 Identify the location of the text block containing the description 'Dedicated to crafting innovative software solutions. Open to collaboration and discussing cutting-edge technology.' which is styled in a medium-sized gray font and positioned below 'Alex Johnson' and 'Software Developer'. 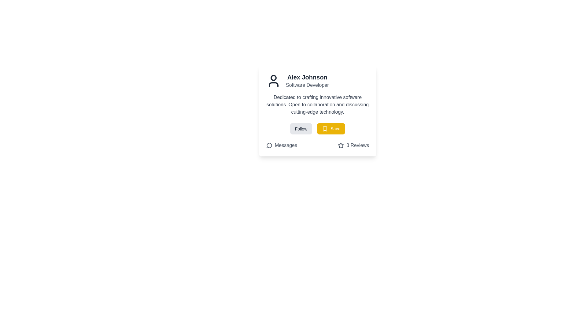
(317, 105).